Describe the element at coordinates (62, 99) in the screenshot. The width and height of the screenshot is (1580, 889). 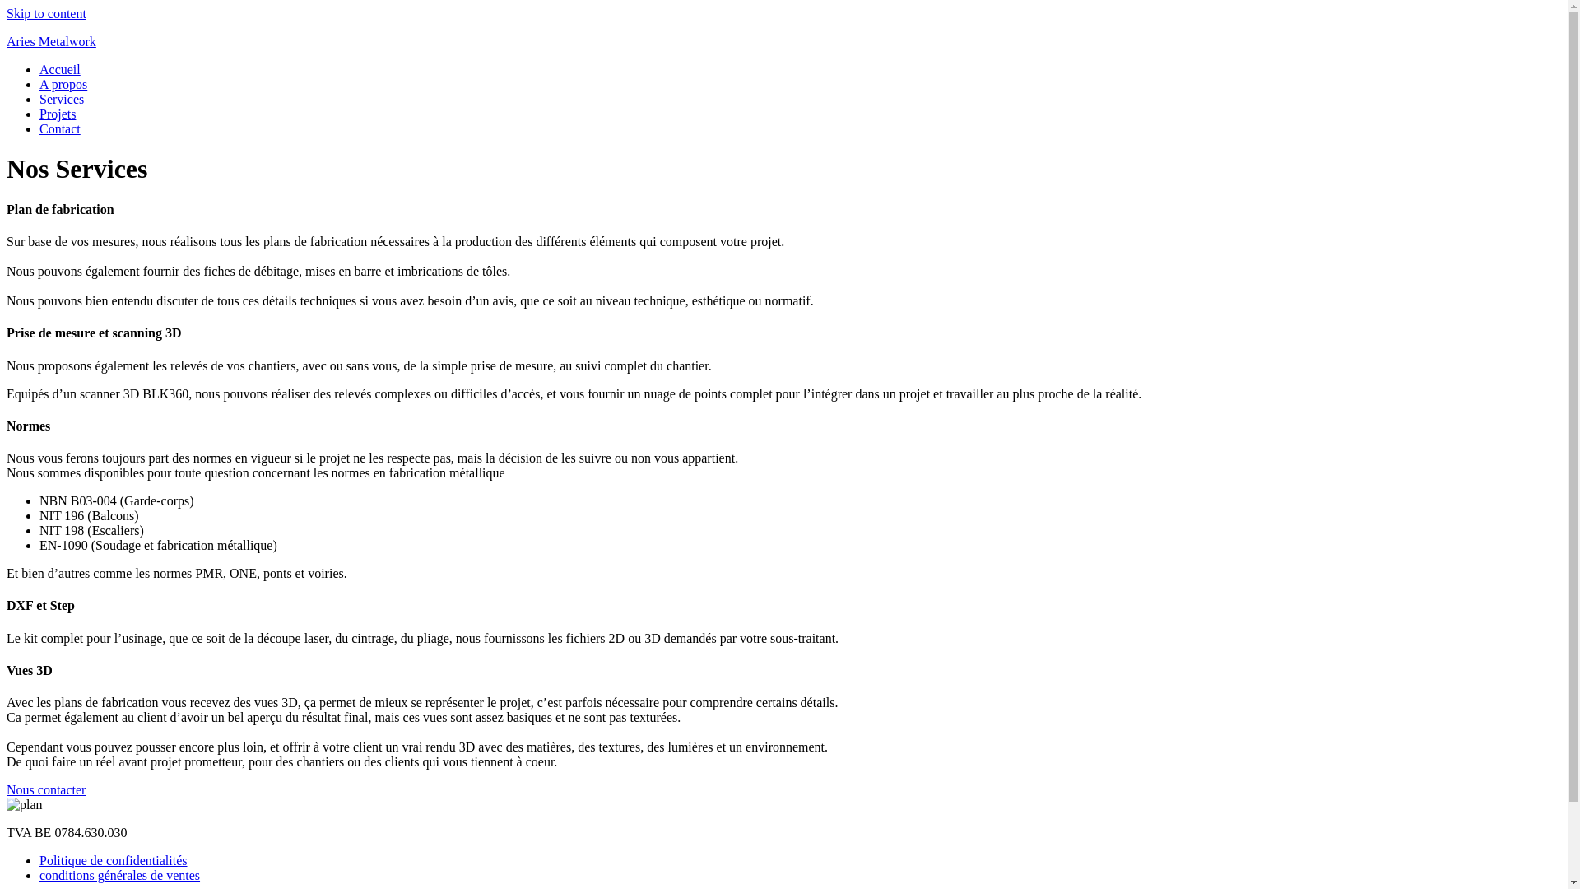
I see `'Services'` at that location.